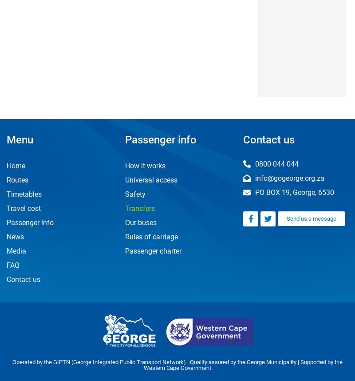  What do you see at coordinates (6, 165) in the screenshot?
I see `'Home'` at bounding box center [6, 165].